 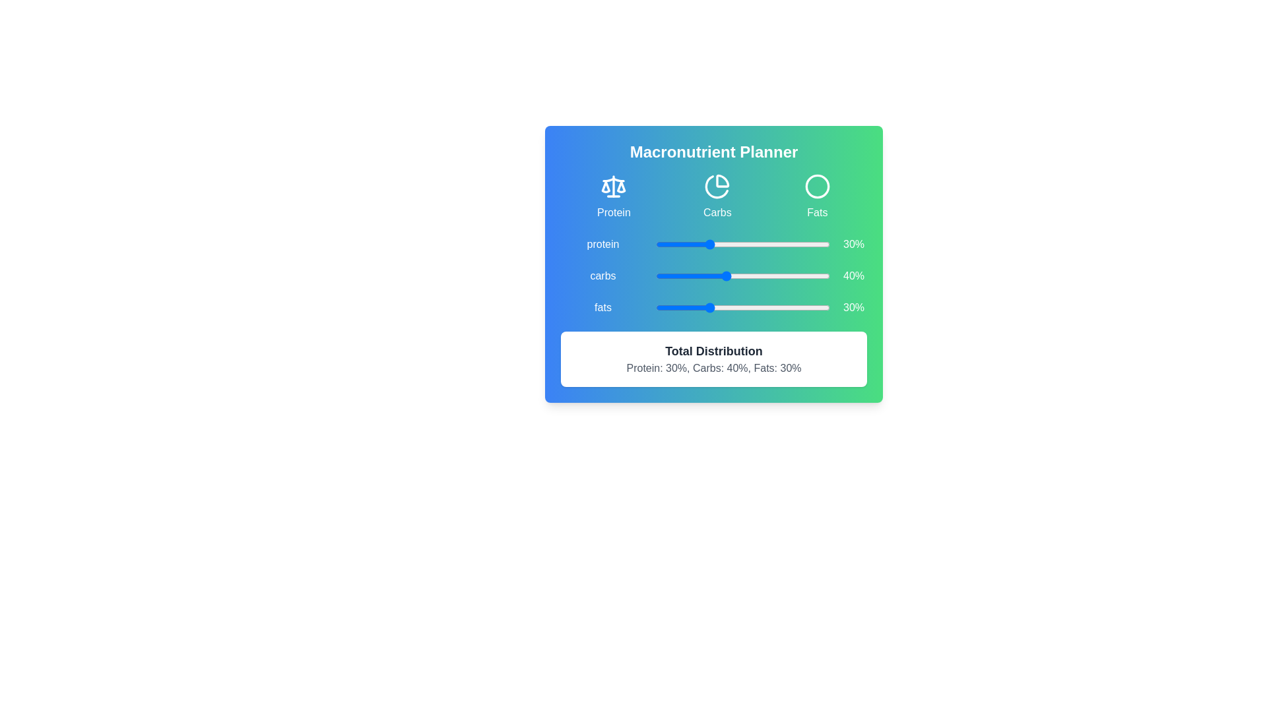 I want to click on the teal curved line segment of the pie chart representing the 'Carbs' section, so click(x=722, y=181).